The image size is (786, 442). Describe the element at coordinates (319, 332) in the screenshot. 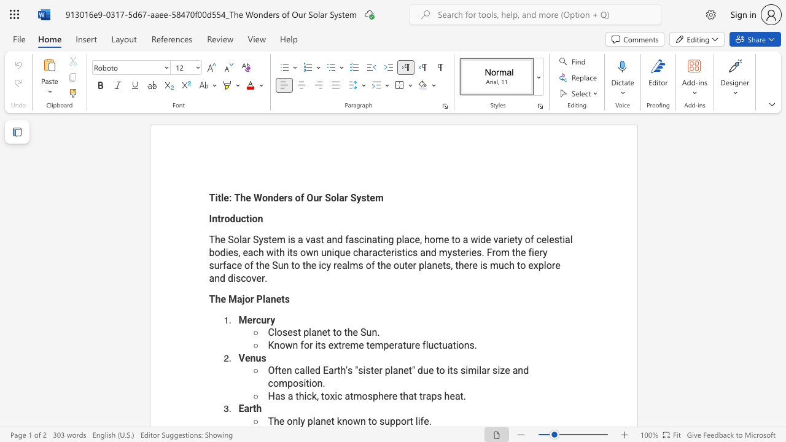

I see `the 1th character "n" in the text` at that location.